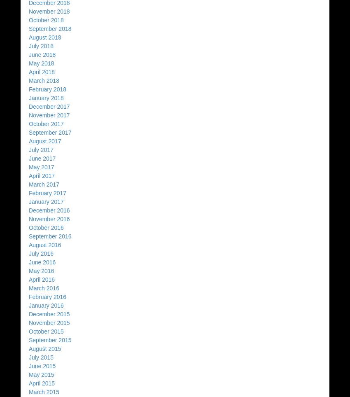 This screenshot has width=350, height=397. I want to click on 'December 2015', so click(49, 313).